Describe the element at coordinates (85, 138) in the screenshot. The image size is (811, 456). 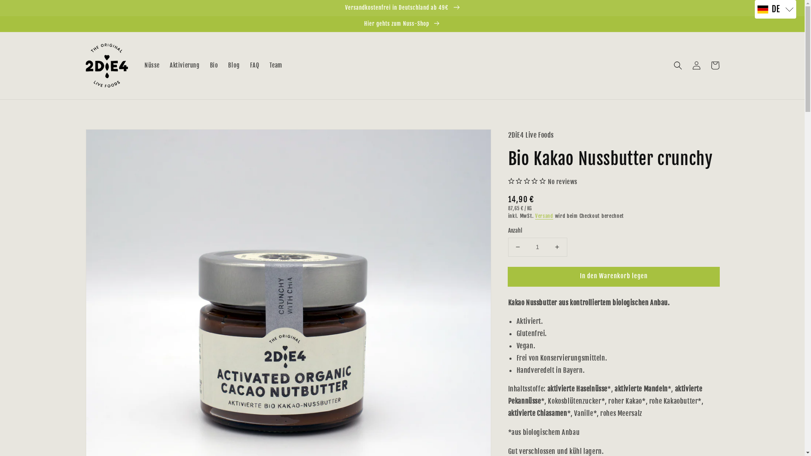
I see `'Zu Produktinformationen springen'` at that location.